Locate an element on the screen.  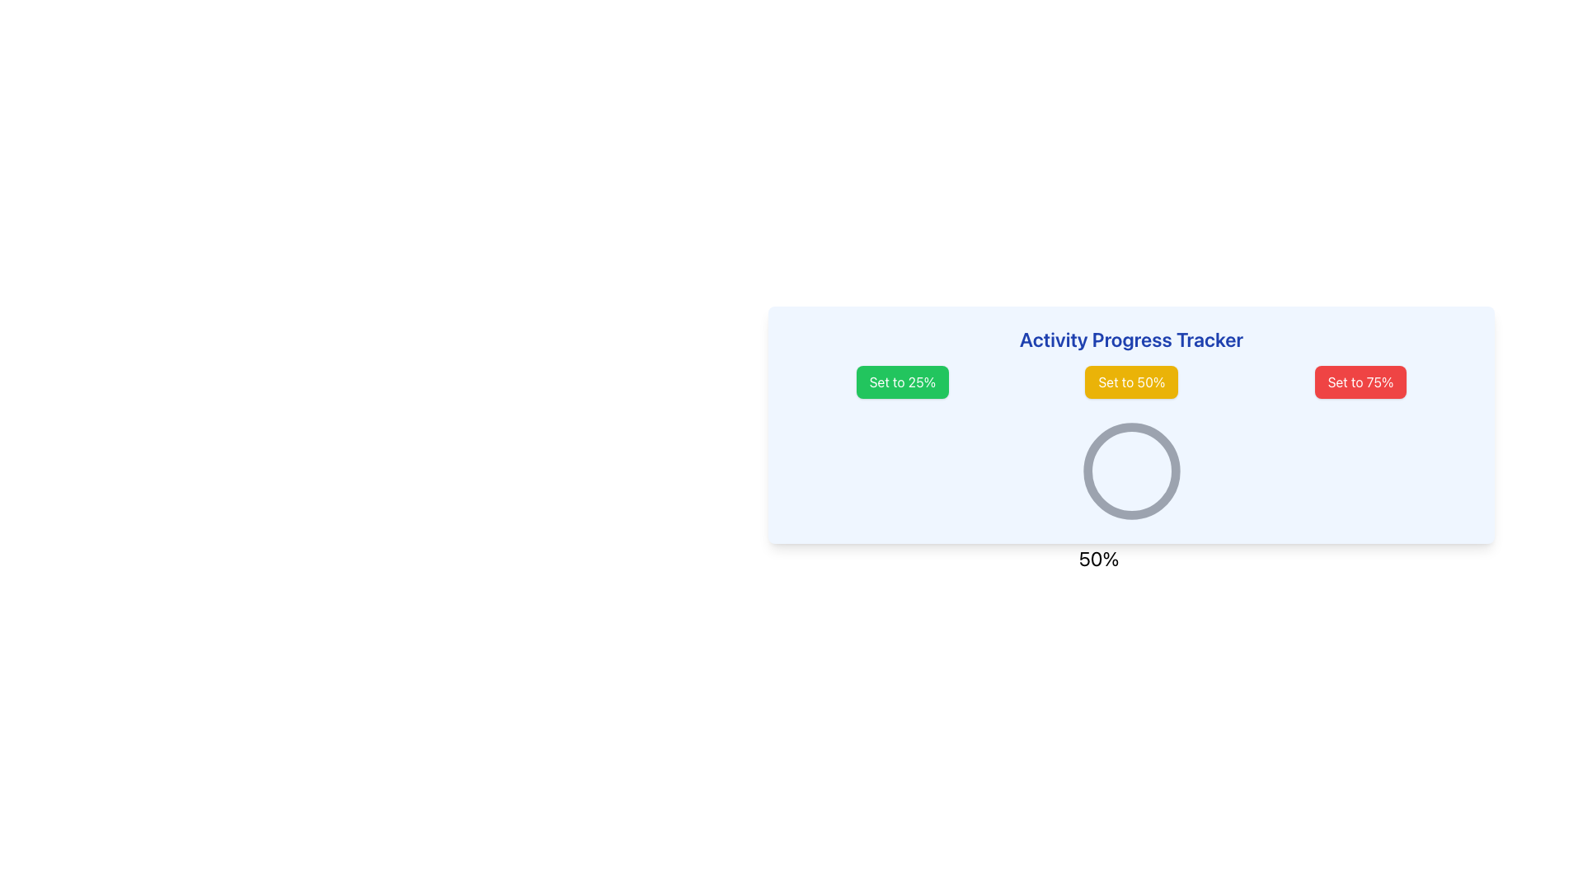
the red button labeled 'Set to 75%' located under the header 'Activity Progress Tracker' is located at coordinates (1360, 382).